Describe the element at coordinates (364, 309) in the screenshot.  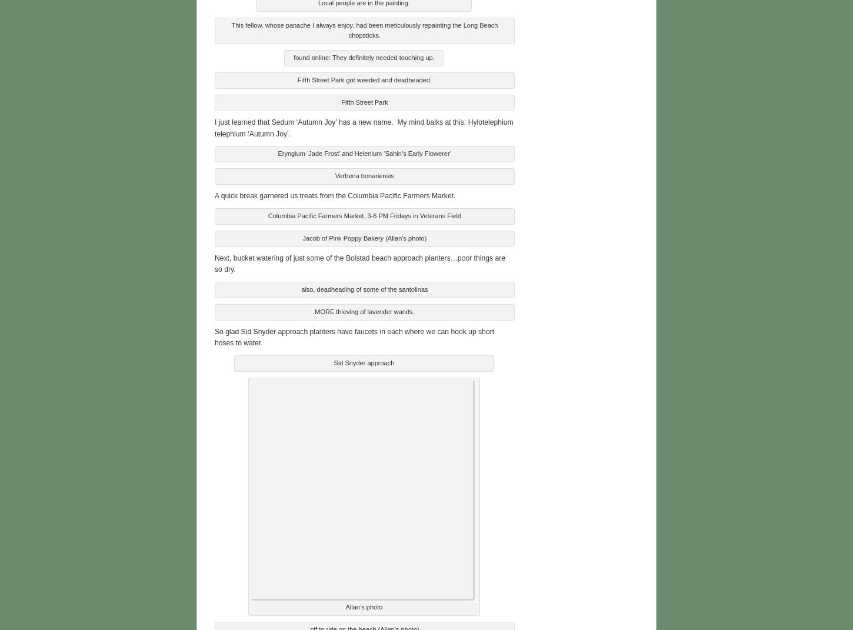
I see `'MORE thieving of lavender wands.'` at that location.